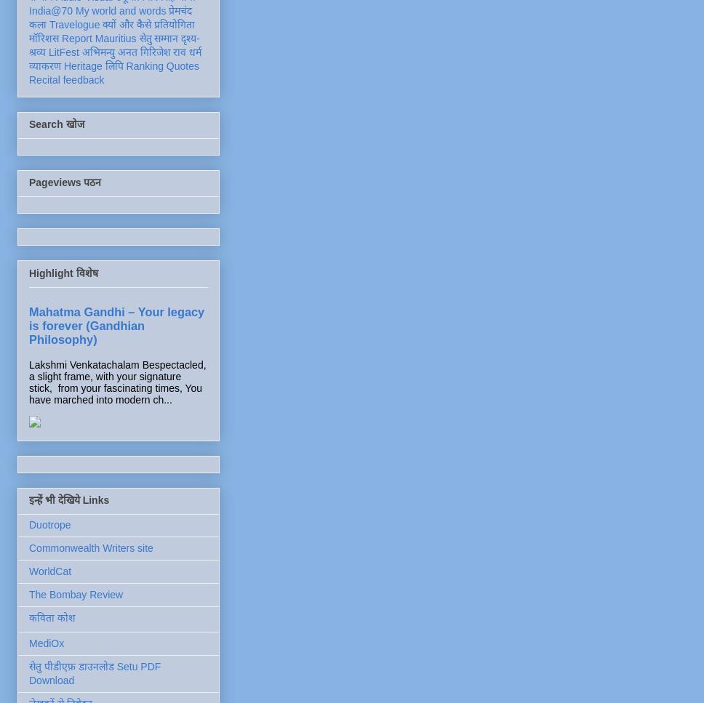 The height and width of the screenshot is (703, 704). Describe the element at coordinates (68, 499) in the screenshot. I see `'इन्हें भी देखिये Links'` at that location.